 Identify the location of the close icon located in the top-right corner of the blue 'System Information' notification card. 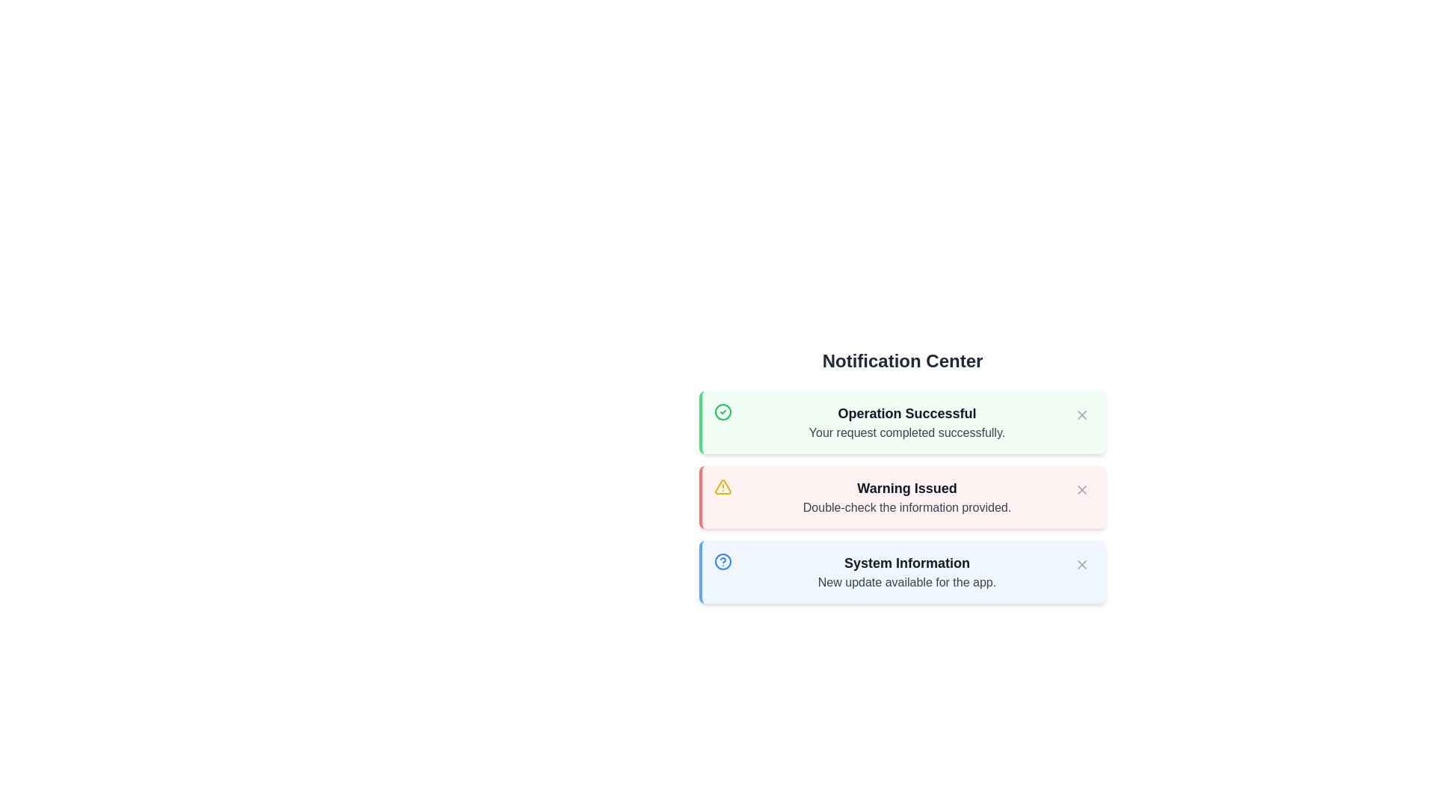
(1081, 565).